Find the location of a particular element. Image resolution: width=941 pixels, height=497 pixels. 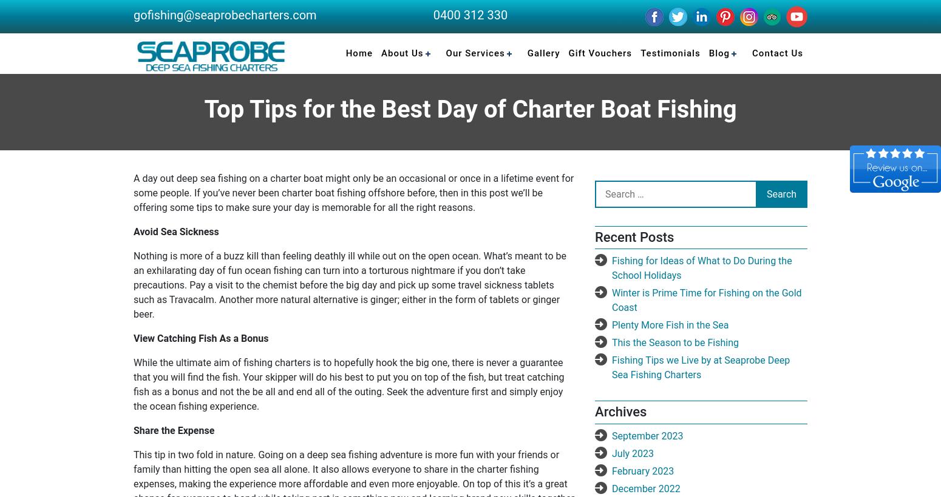

'View Catching Fish As a Bonus' is located at coordinates (200, 338).